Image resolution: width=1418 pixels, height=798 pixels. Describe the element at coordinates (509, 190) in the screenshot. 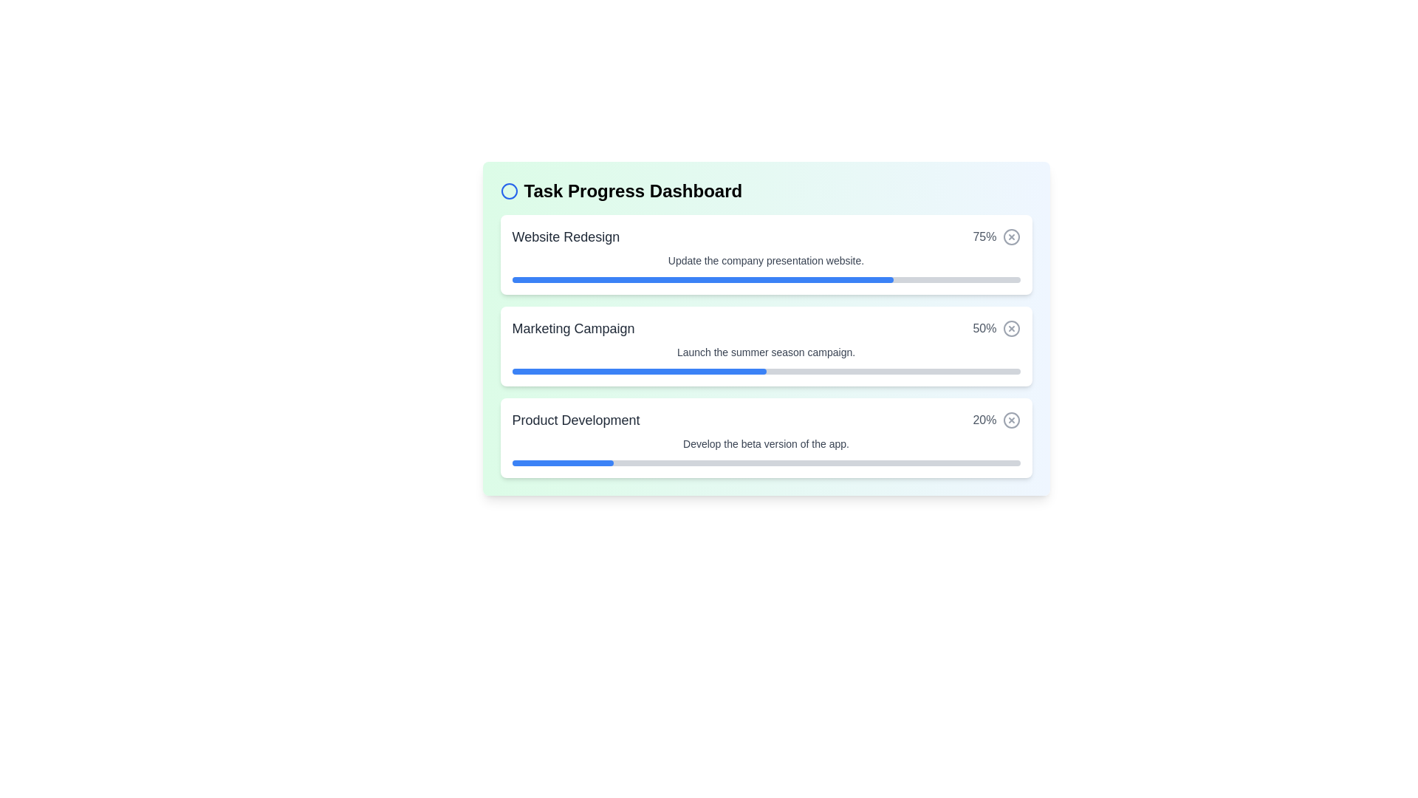

I see `the circular icon with a blue border located in the upper-left region of the interface, near the 'Task Progress Dashboard' title` at that location.